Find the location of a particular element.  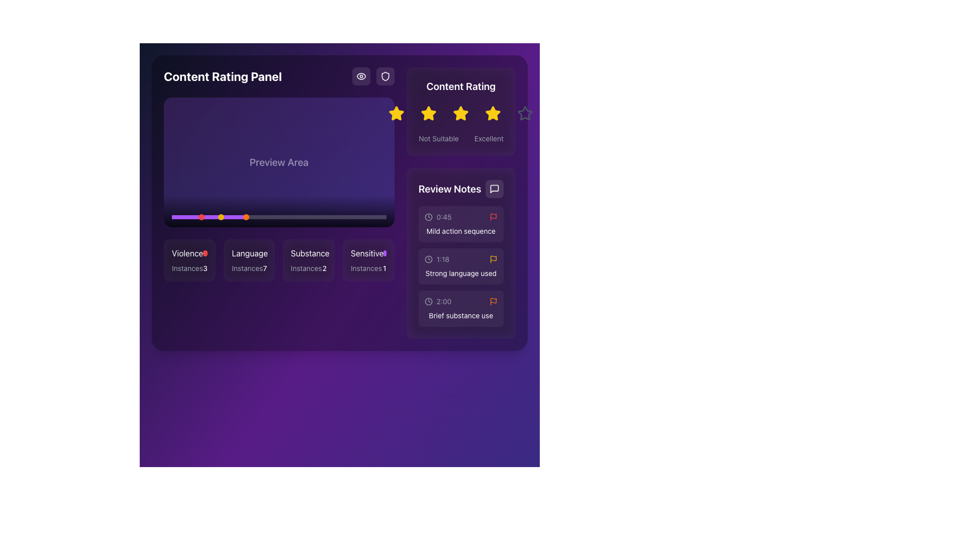

the Text Label displaying 'Brief substance use' in white on a dark purple background, located at the bottom of the 'Review Notes' section is located at coordinates (460, 315).